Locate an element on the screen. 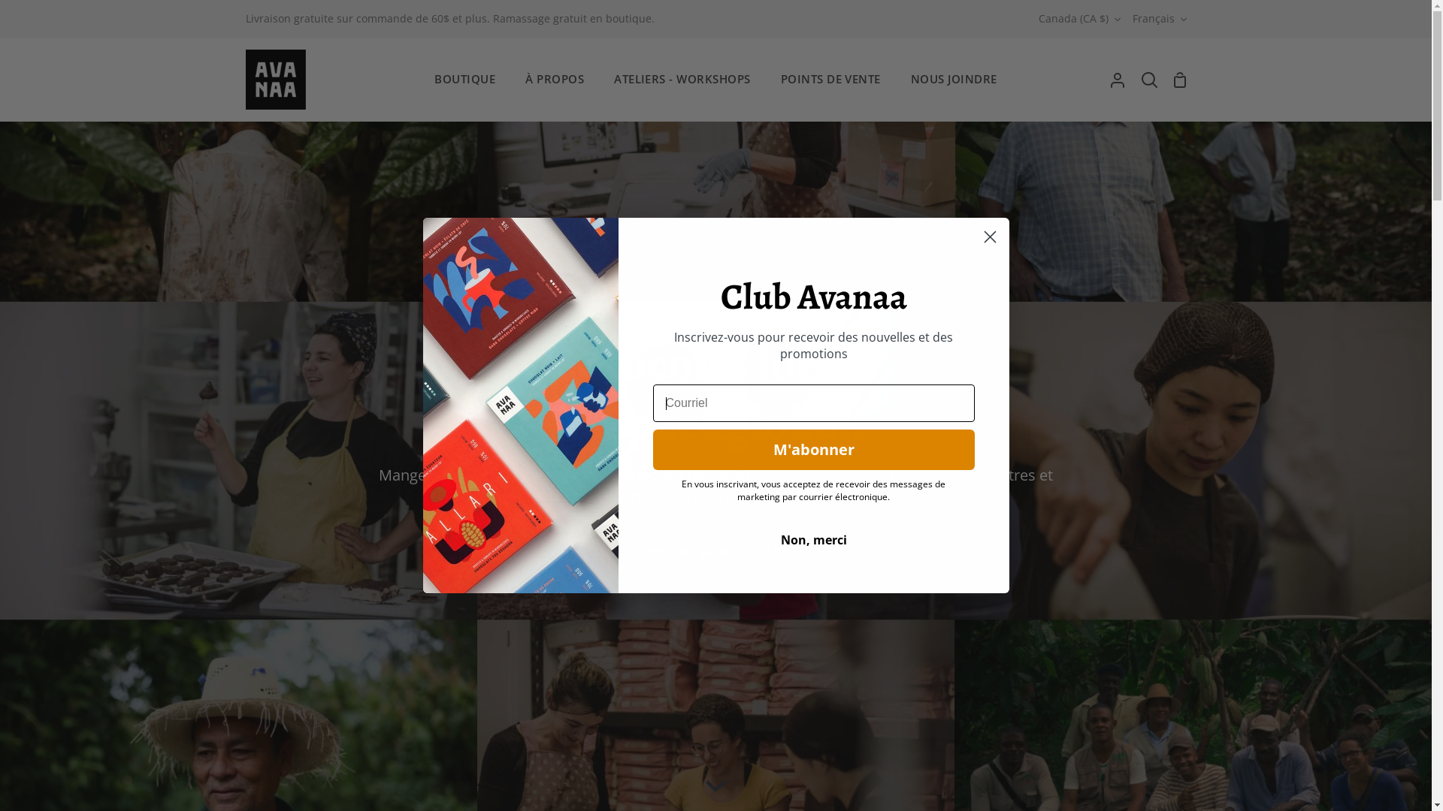  'Mon compte' is located at coordinates (1118, 79).